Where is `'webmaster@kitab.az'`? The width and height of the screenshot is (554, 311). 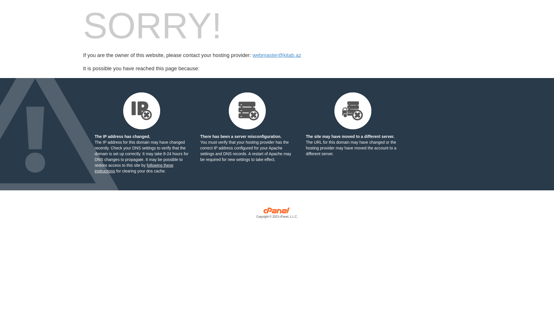
'webmaster@kitab.az' is located at coordinates (276, 55).